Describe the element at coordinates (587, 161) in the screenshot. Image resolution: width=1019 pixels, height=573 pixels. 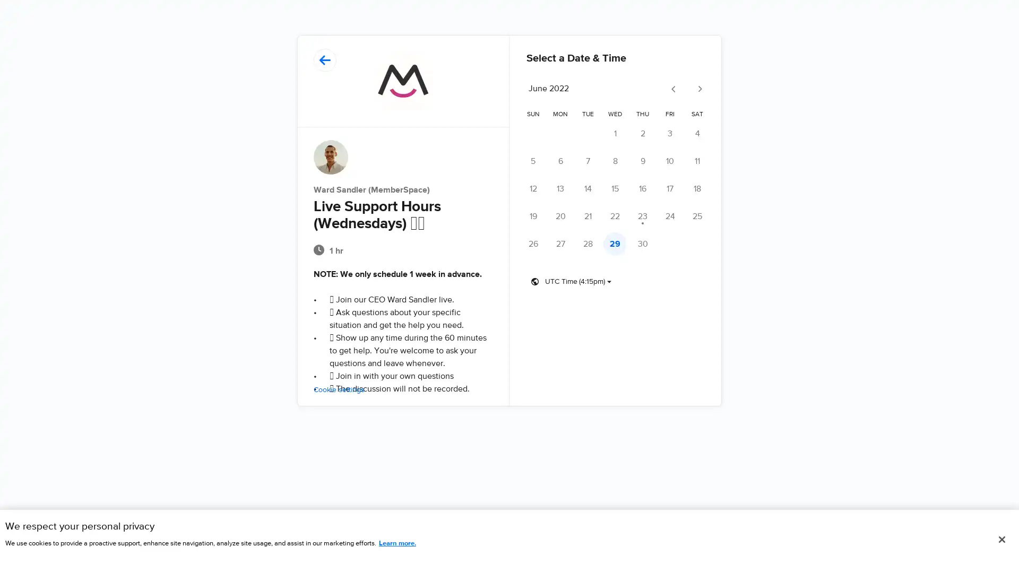
I see `Tuesday, June 7 - No times available` at that location.